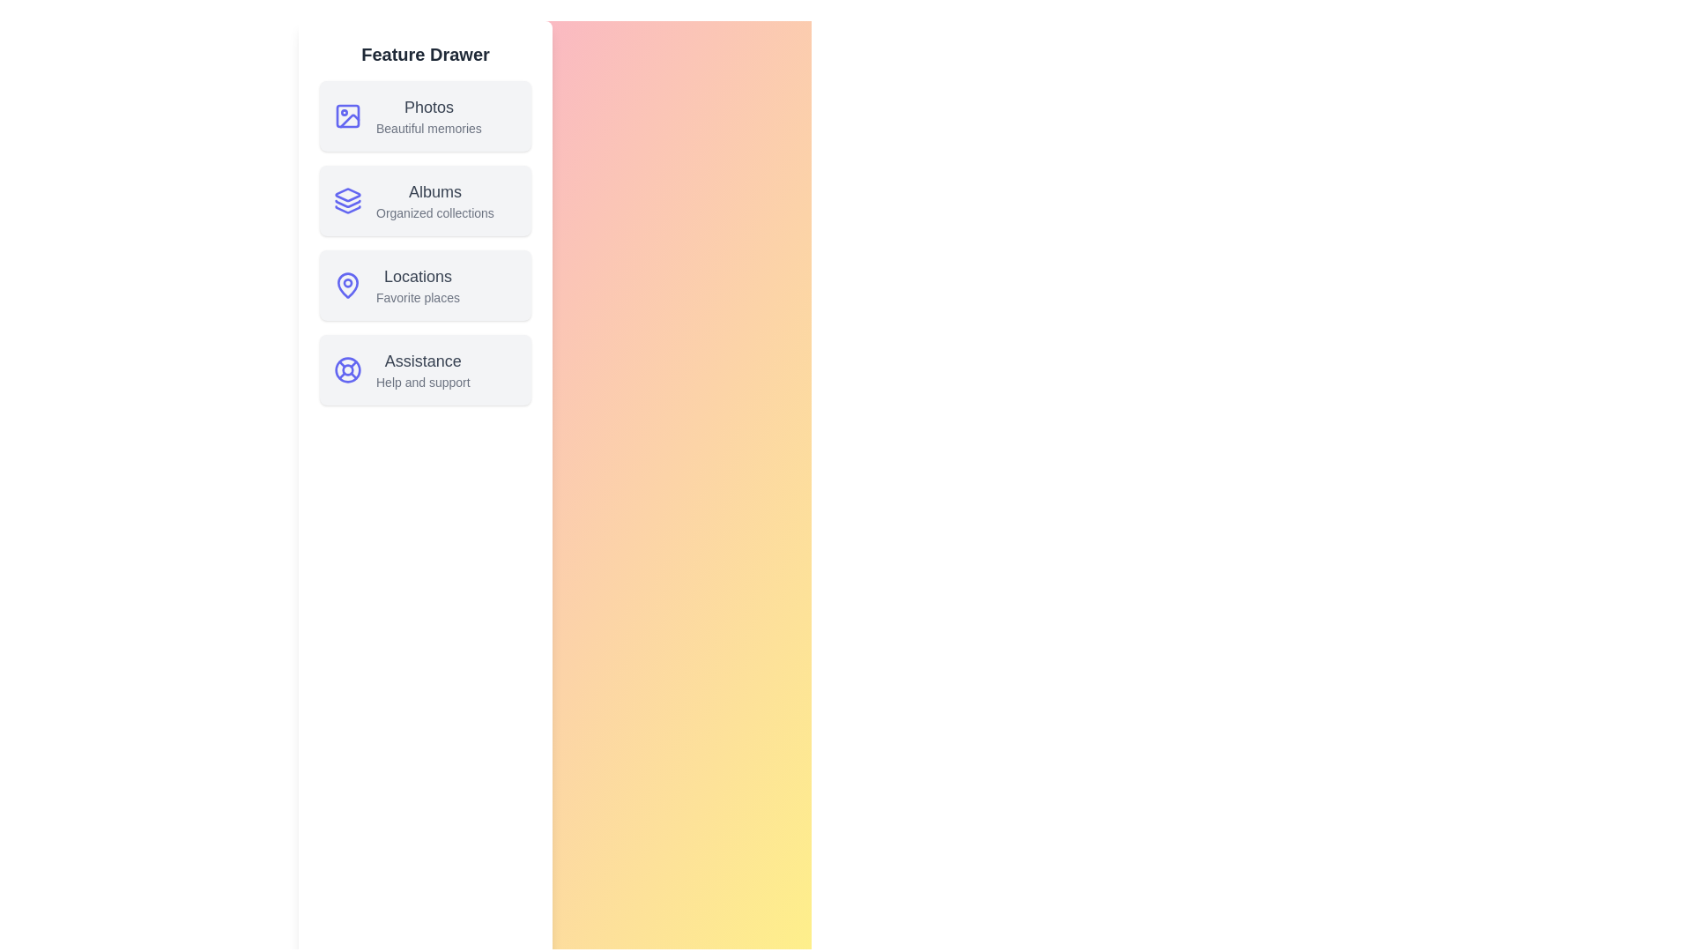 The width and height of the screenshot is (1692, 952). Describe the element at coordinates (426, 369) in the screenshot. I see `the feature item Assistance from the StylishDrawer` at that location.